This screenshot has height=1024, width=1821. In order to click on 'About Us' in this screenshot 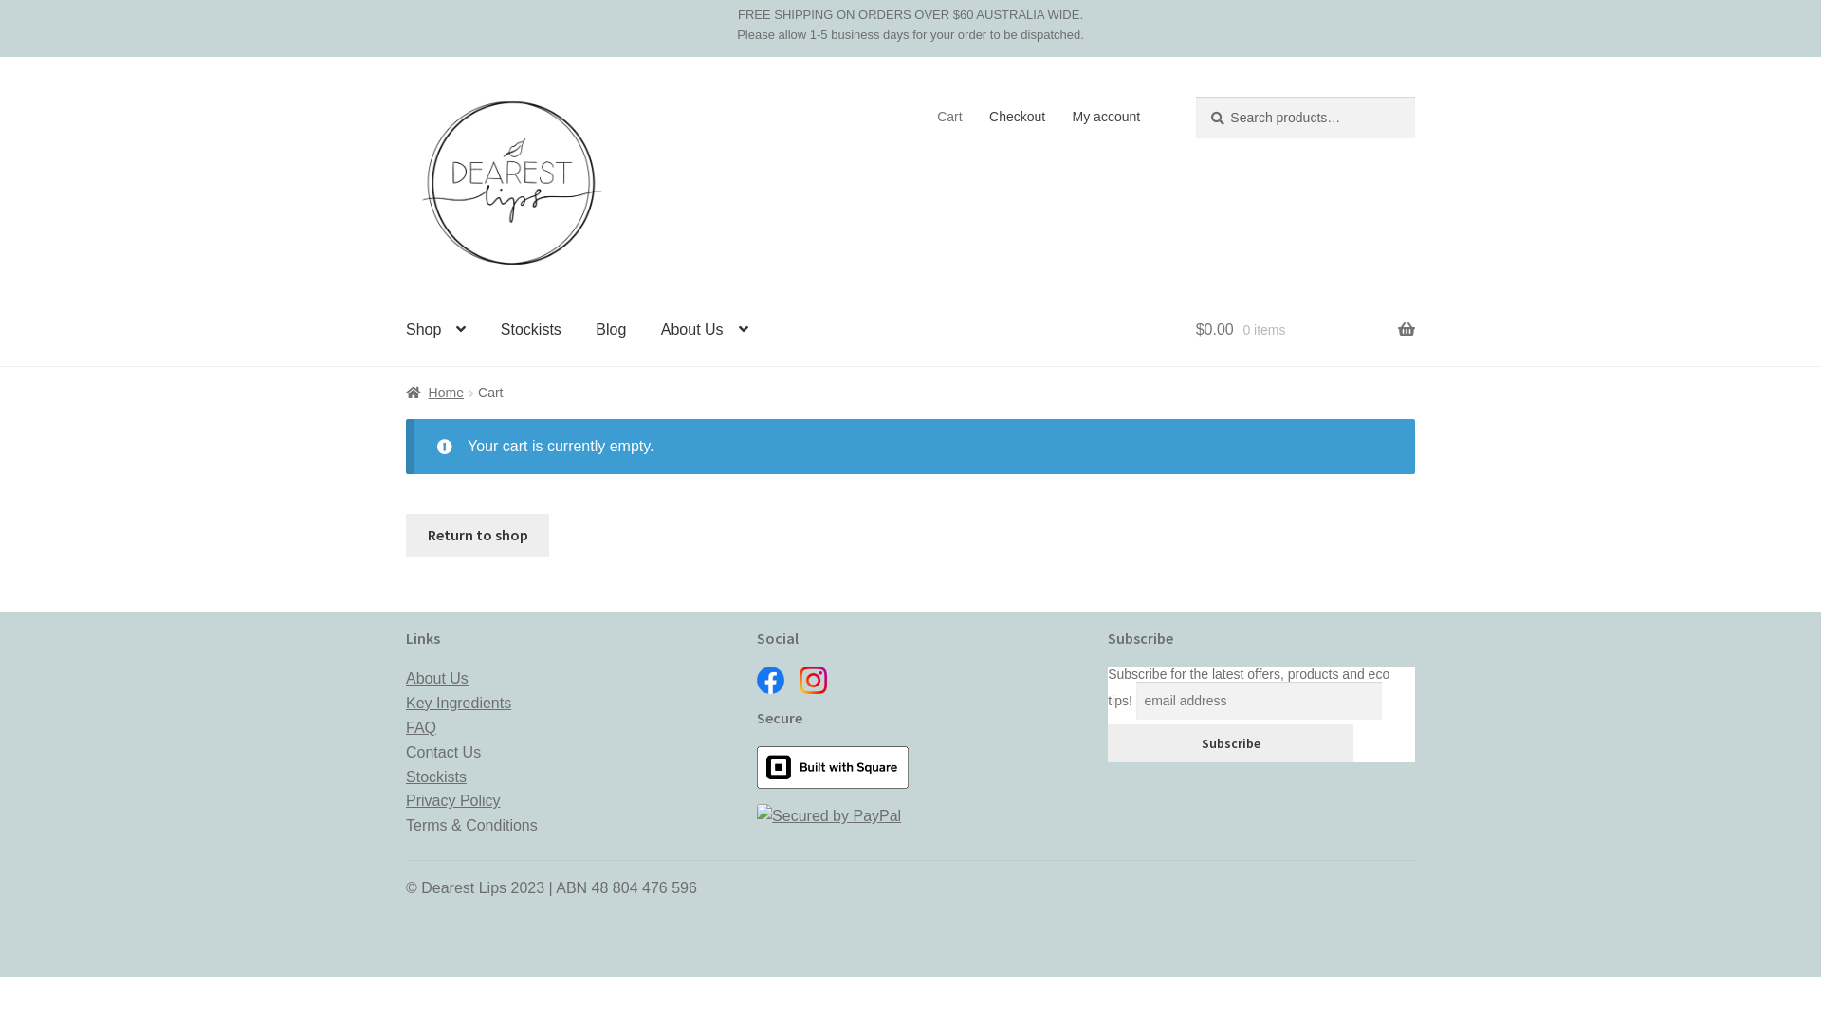, I will do `click(435, 677)`.